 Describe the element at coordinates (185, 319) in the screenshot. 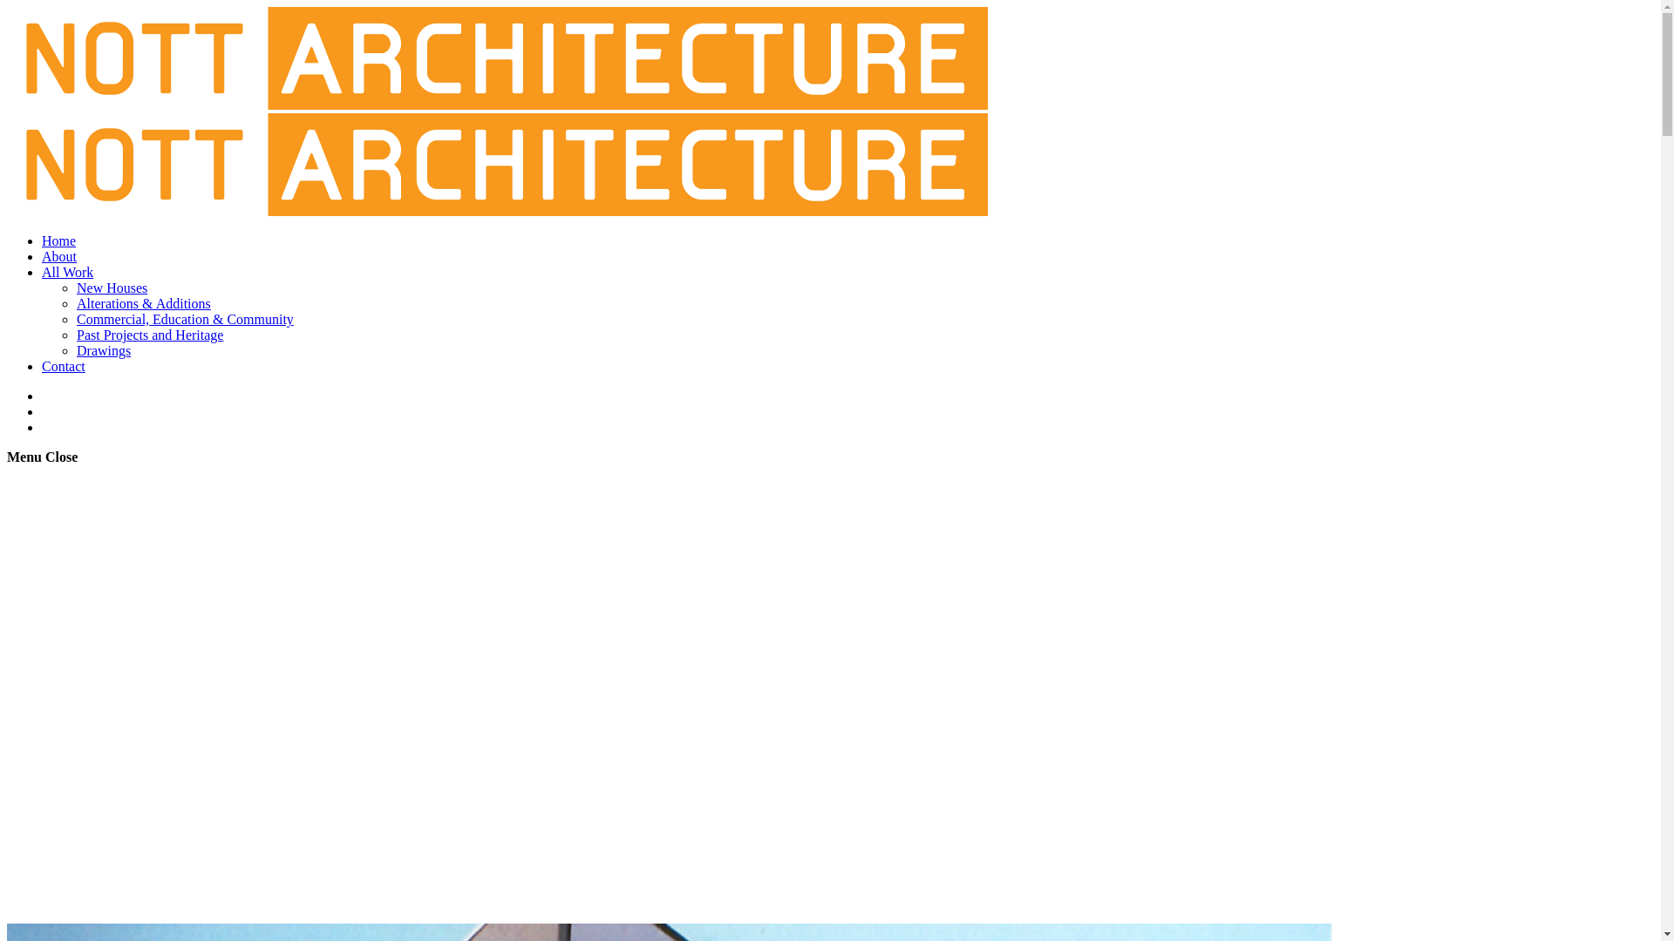

I see `'Commercial, Education & Community'` at that location.